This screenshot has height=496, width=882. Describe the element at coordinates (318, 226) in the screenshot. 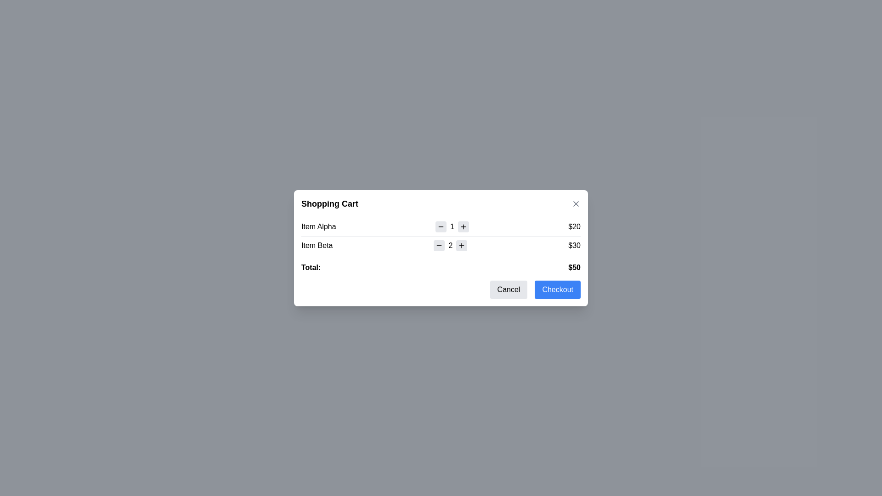

I see `the text label displaying 'Item Alpha' located in the 'Shopping Cart' section, which is aligned to the left of the quantity control buttons` at that location.